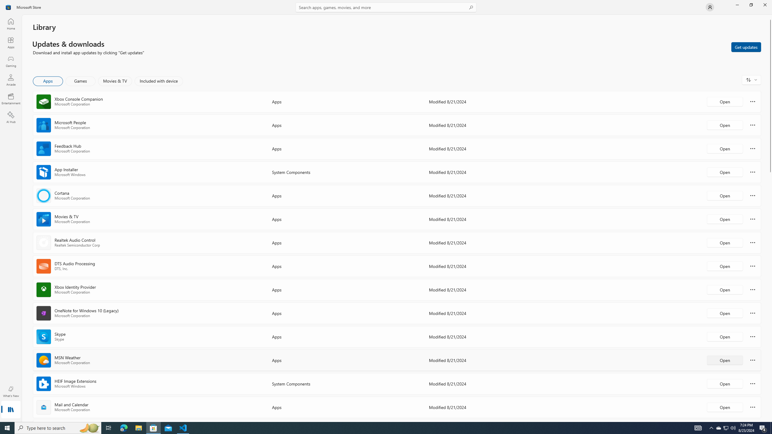 The image size is (772, 434). What do you see at coordinates (10, 410) in the screenshot?
I see `'Library'` at bounding box center [10, 410].